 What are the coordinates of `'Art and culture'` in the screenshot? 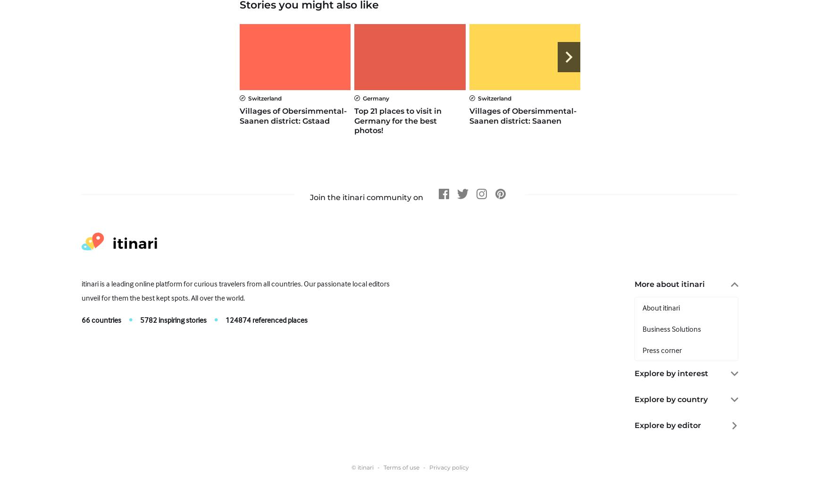 It's located at (665, 396).